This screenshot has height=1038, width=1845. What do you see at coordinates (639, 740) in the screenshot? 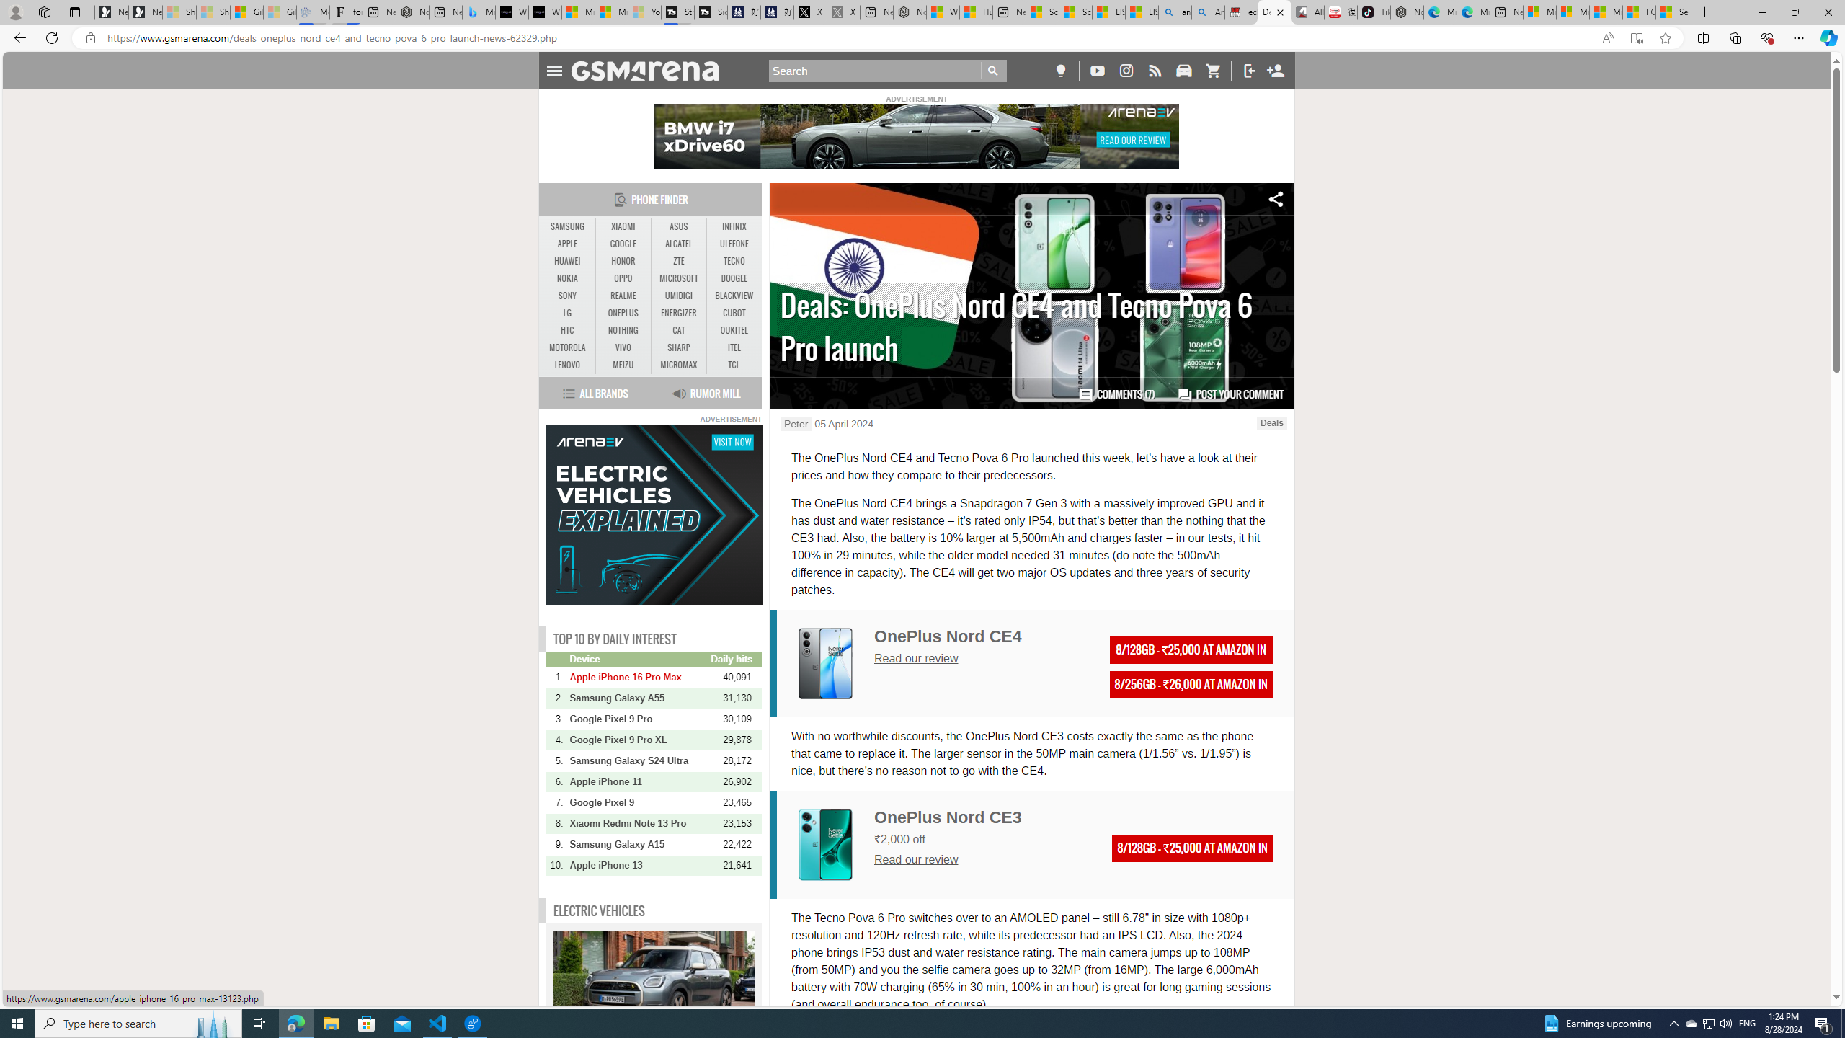
I see `'Google Pixel 9 Pro XL'` at bounding box center [639, 740].